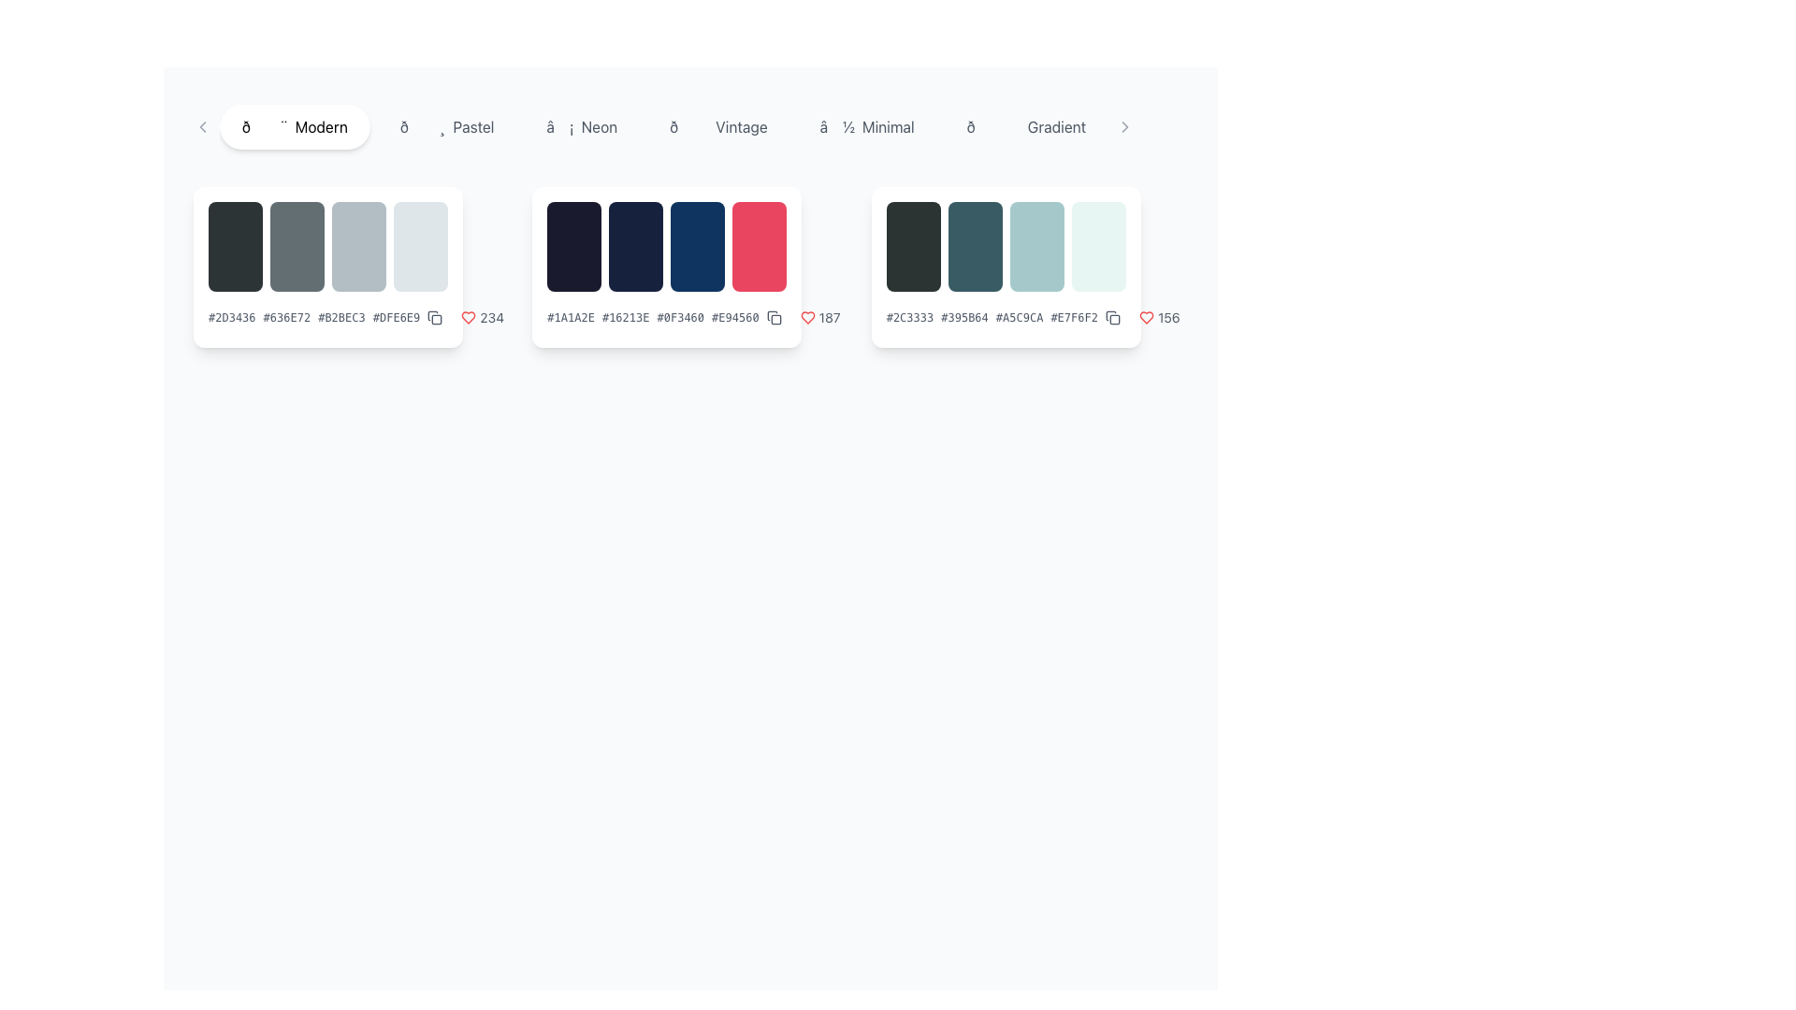  What do you see at coordinates (432, 315) in the screenshot?
I see `the SVG icon within the button located to the right of the palette card with the code '#2D3436 #636E72 #B2BEC3 #DFE6E9' to initiate the copy action` at bounding box center [432, 315].